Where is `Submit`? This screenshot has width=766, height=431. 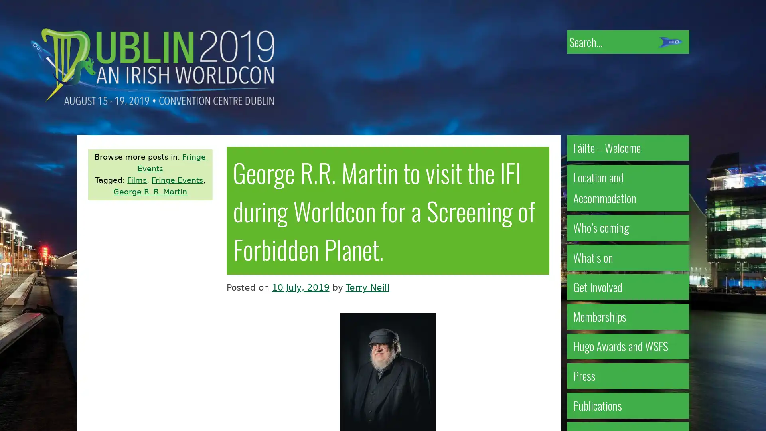 Submit is located at coordinates (670, 42).